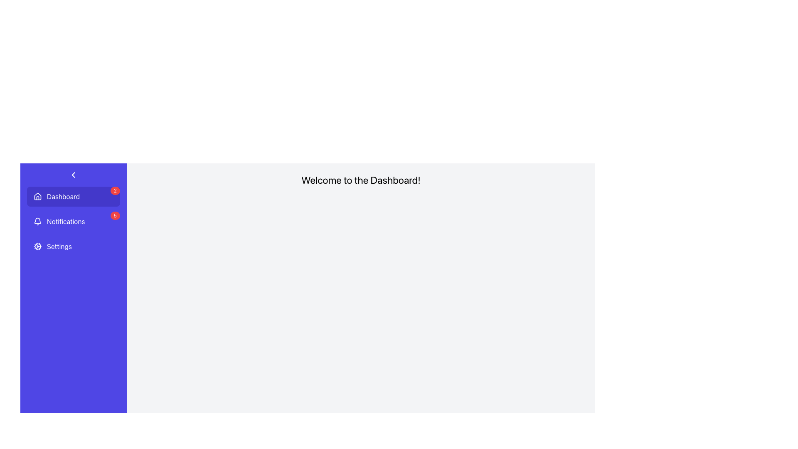  What do you see at coordinates (74, 174) in the screenshot?
I see `the leftward-facing chevron icon located in the top-left section of the sidebar` at bounding box center [74, 174].